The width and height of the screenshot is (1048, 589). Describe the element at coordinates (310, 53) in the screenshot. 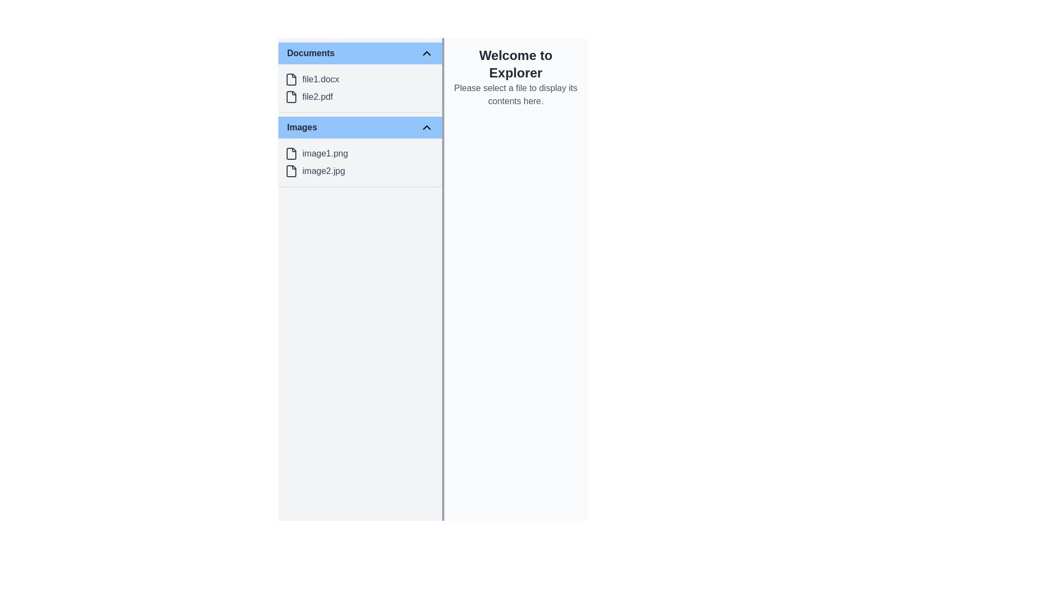

I see `the 'Documents' text label which is displayed in bold dark gray color at the top-left of the blue heading bar in the vertical navigation menu` at that location.